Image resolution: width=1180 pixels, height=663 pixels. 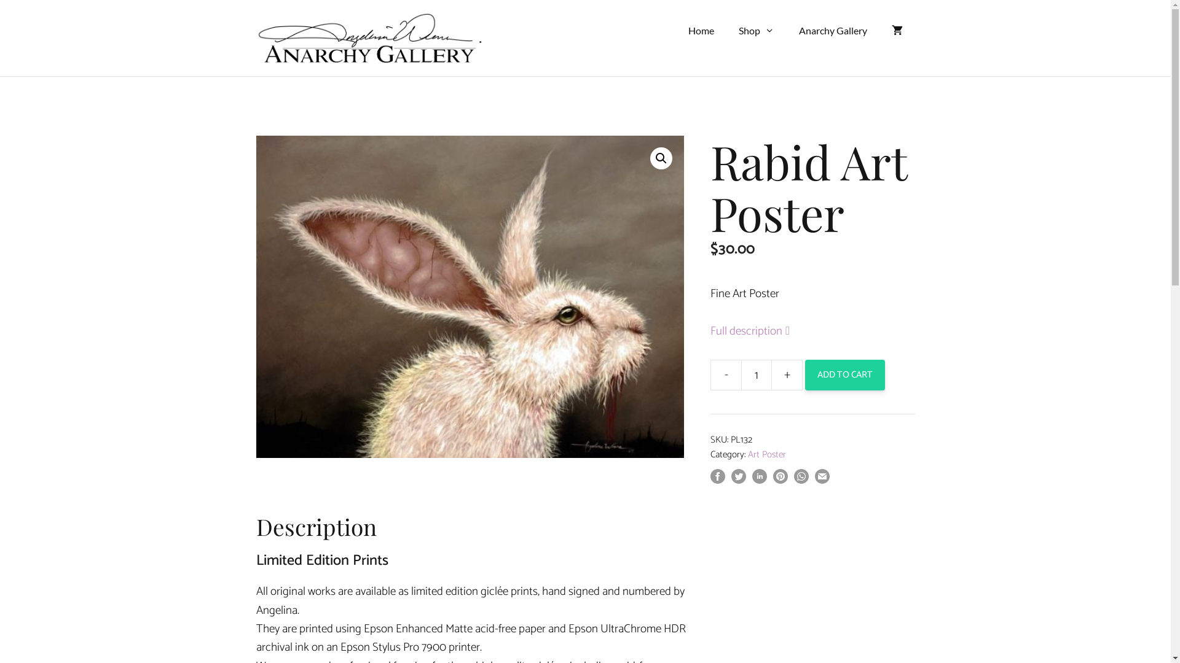 What do you see at coordinates (725, 374) in the screenshot?
I see `'-'` at bounding box center [725, 374].